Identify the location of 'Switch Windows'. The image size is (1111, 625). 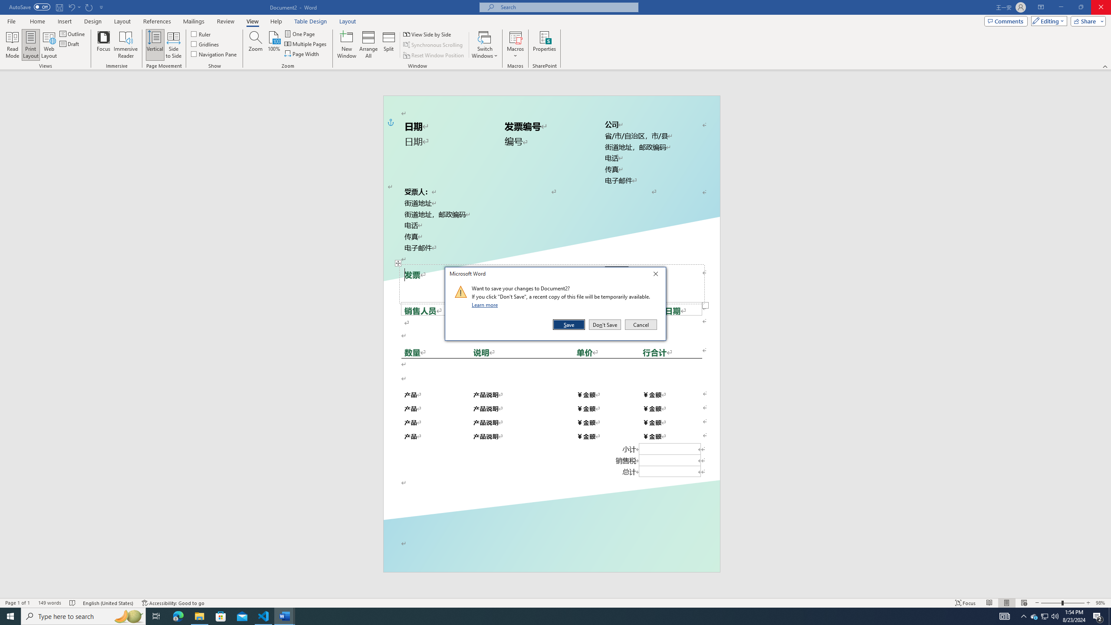
(484, 45).